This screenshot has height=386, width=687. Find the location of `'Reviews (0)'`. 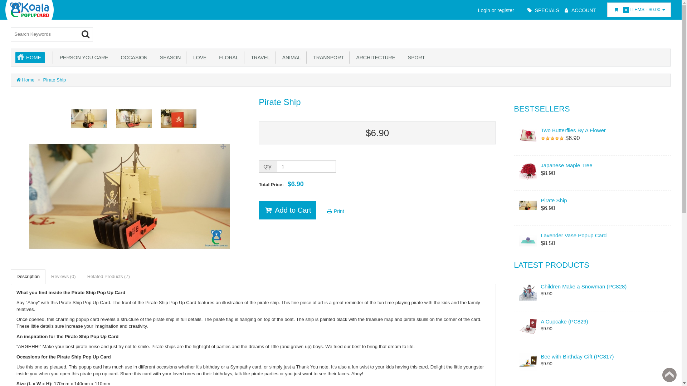

'Reviews (0)' is located at coordinates (63, 276).